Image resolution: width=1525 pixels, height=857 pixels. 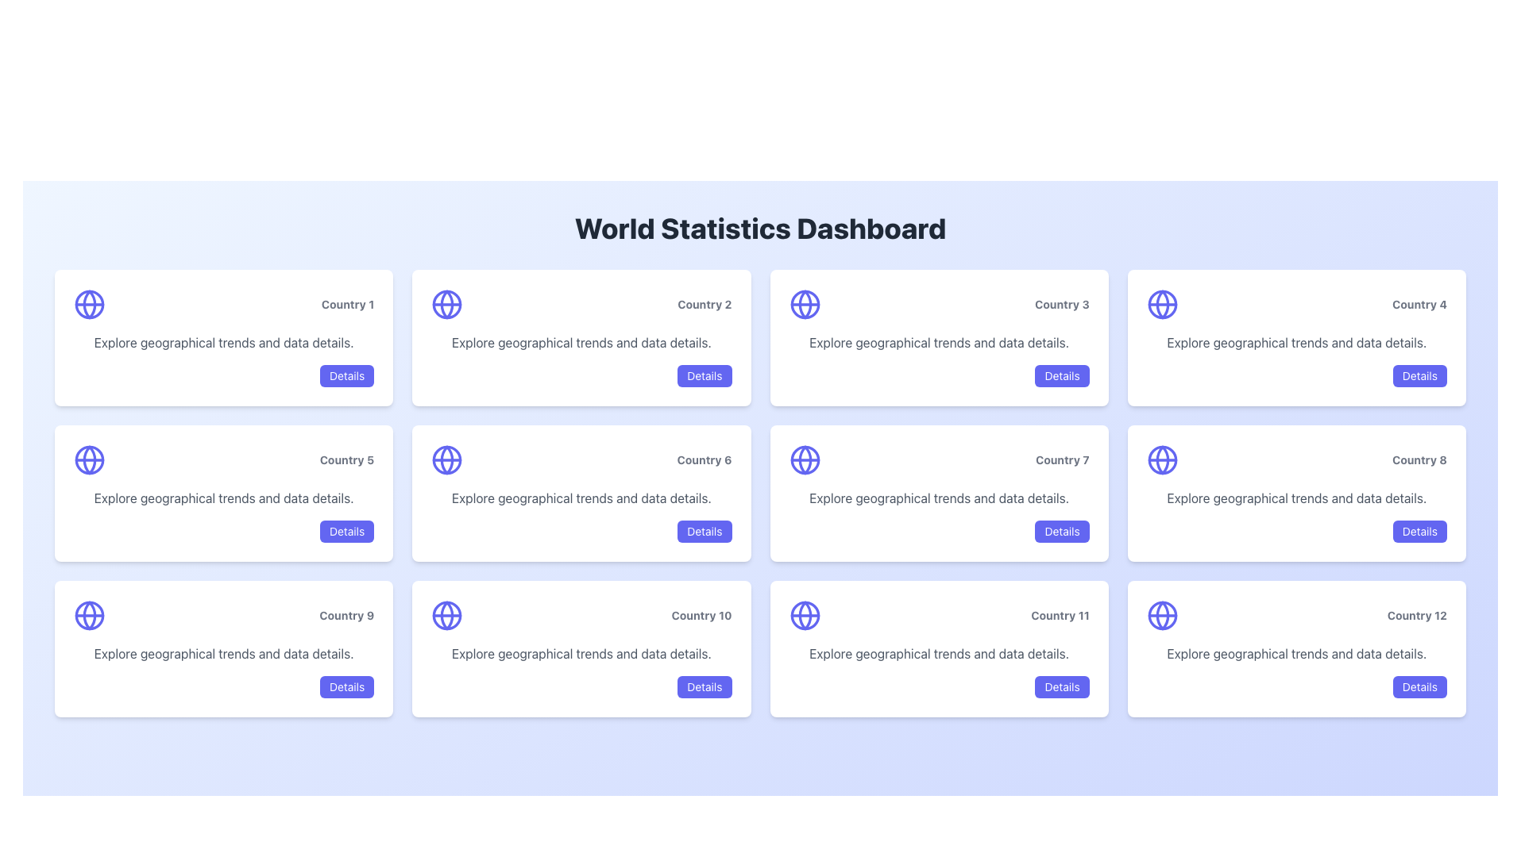 What do you see at coordinates (939, 336) in the screenshot?
I see `the card element that has a white background with rounded corners, features a blue globe icon on the left, displays 'Country 3' in bold gray text at the top right, includes a description below, and has a blue button labeled 'Details' at the bottom right` at bounding box center [939, 336].